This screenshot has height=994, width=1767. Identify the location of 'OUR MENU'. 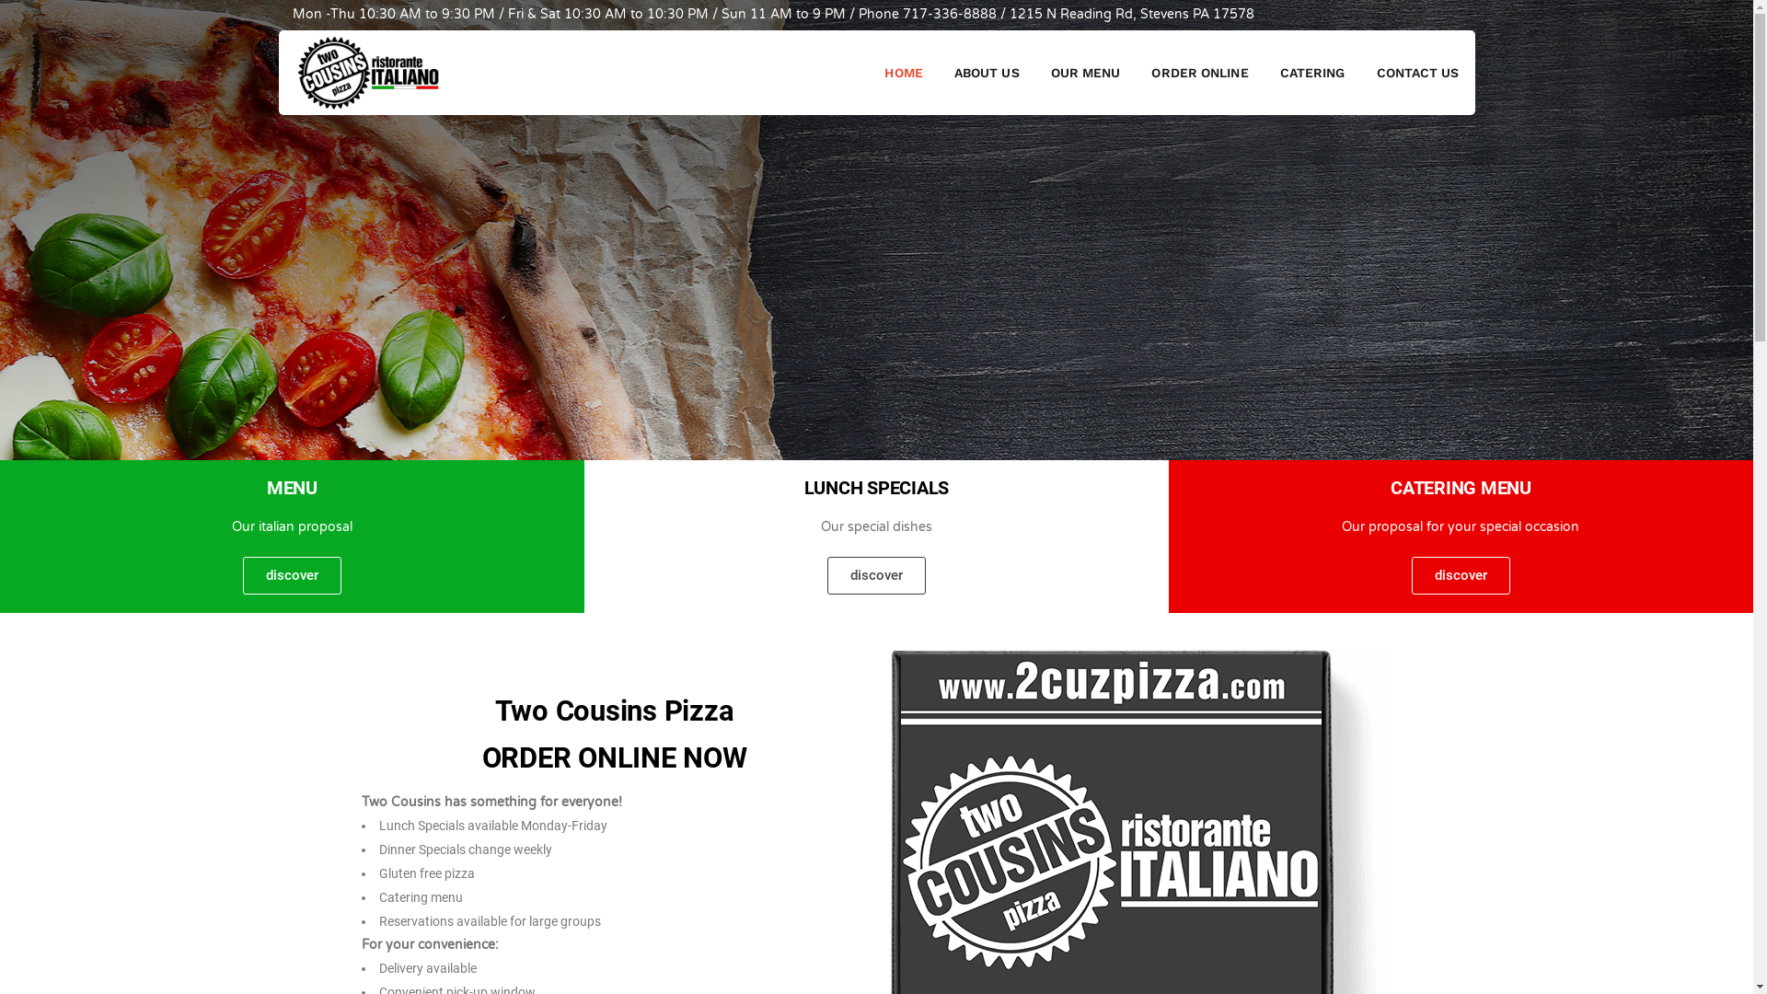
(1034, 71).